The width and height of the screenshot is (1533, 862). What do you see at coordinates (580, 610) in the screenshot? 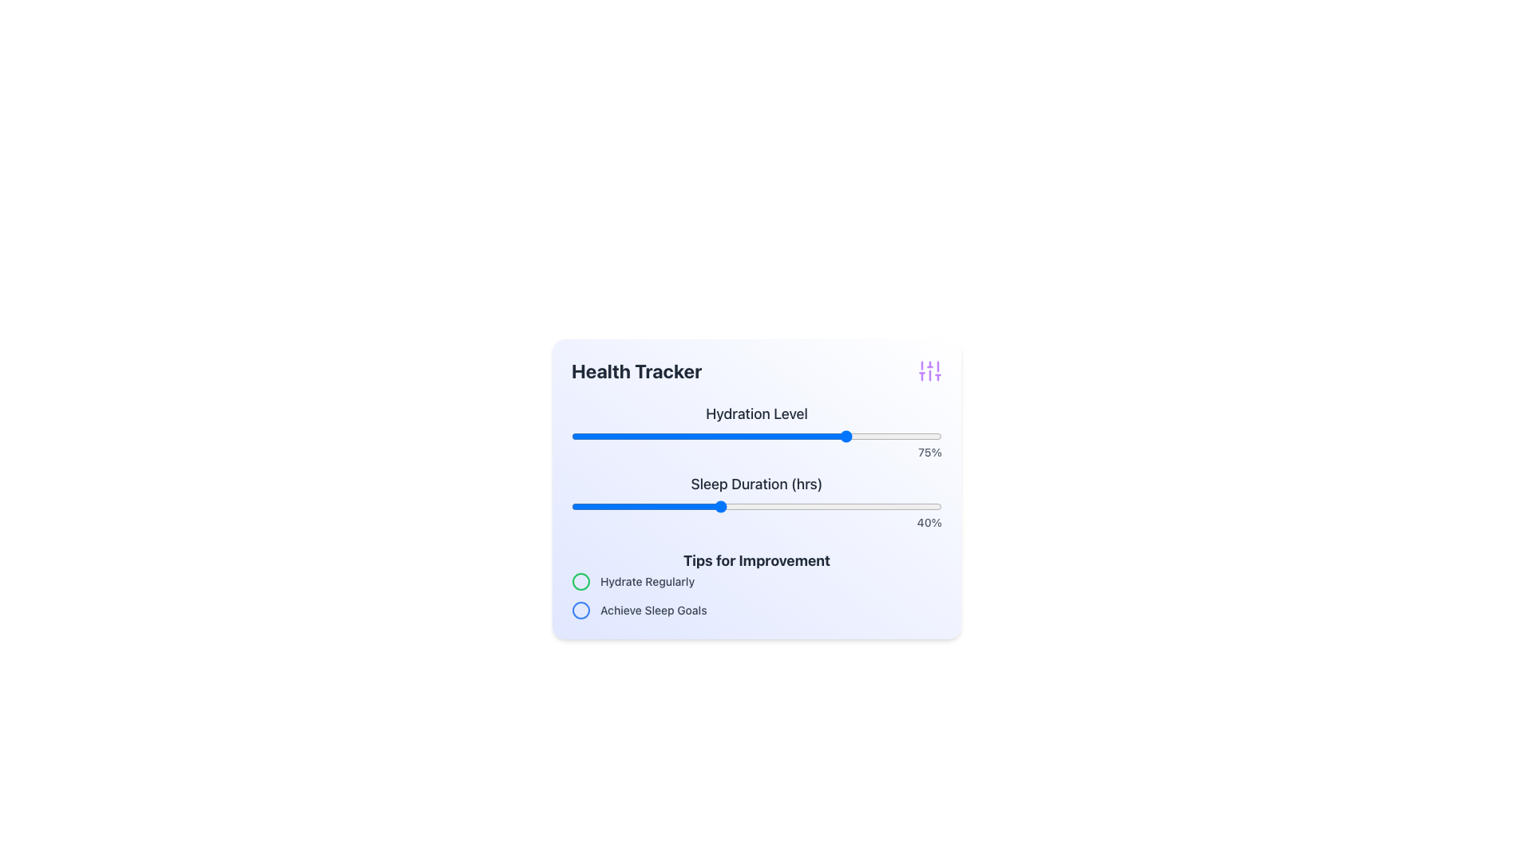
I see `the blue circular icon located to the left of the text 'Achieve Sleep Goals' in the 'Tips for Improvement' section of the 'Health Tracker' module` at bounding box center [580, 610].